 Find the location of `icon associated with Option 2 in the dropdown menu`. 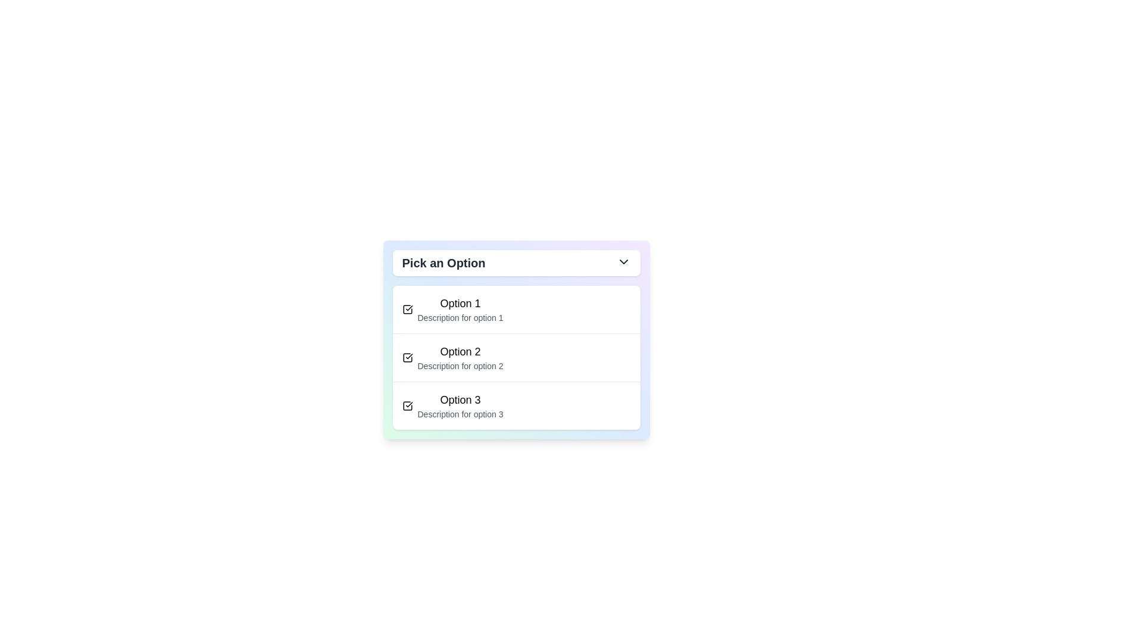

icon associated with Option 2 in the dropdown menu is located at coordinates (407, 357).